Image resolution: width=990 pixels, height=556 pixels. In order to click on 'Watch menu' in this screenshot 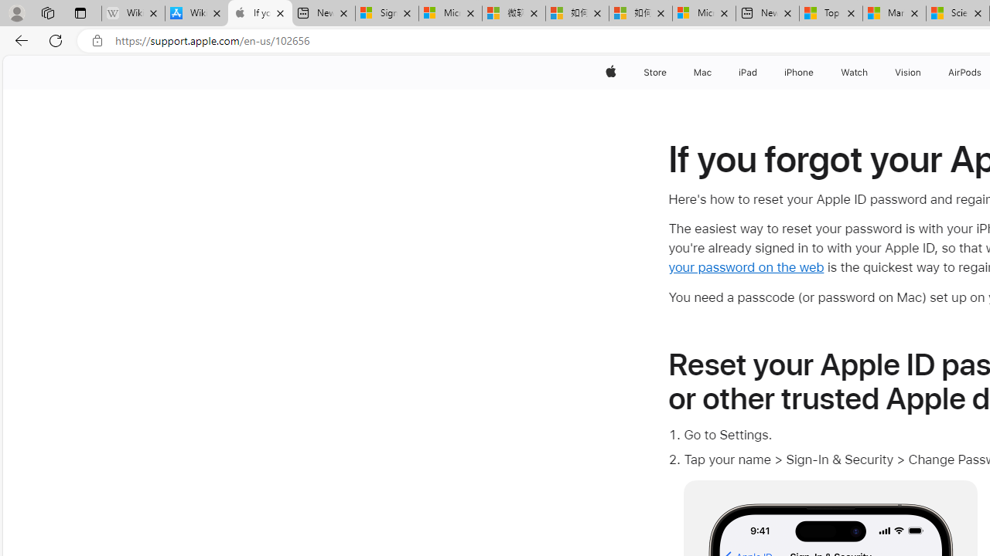, I will do `click(871, 72)`.